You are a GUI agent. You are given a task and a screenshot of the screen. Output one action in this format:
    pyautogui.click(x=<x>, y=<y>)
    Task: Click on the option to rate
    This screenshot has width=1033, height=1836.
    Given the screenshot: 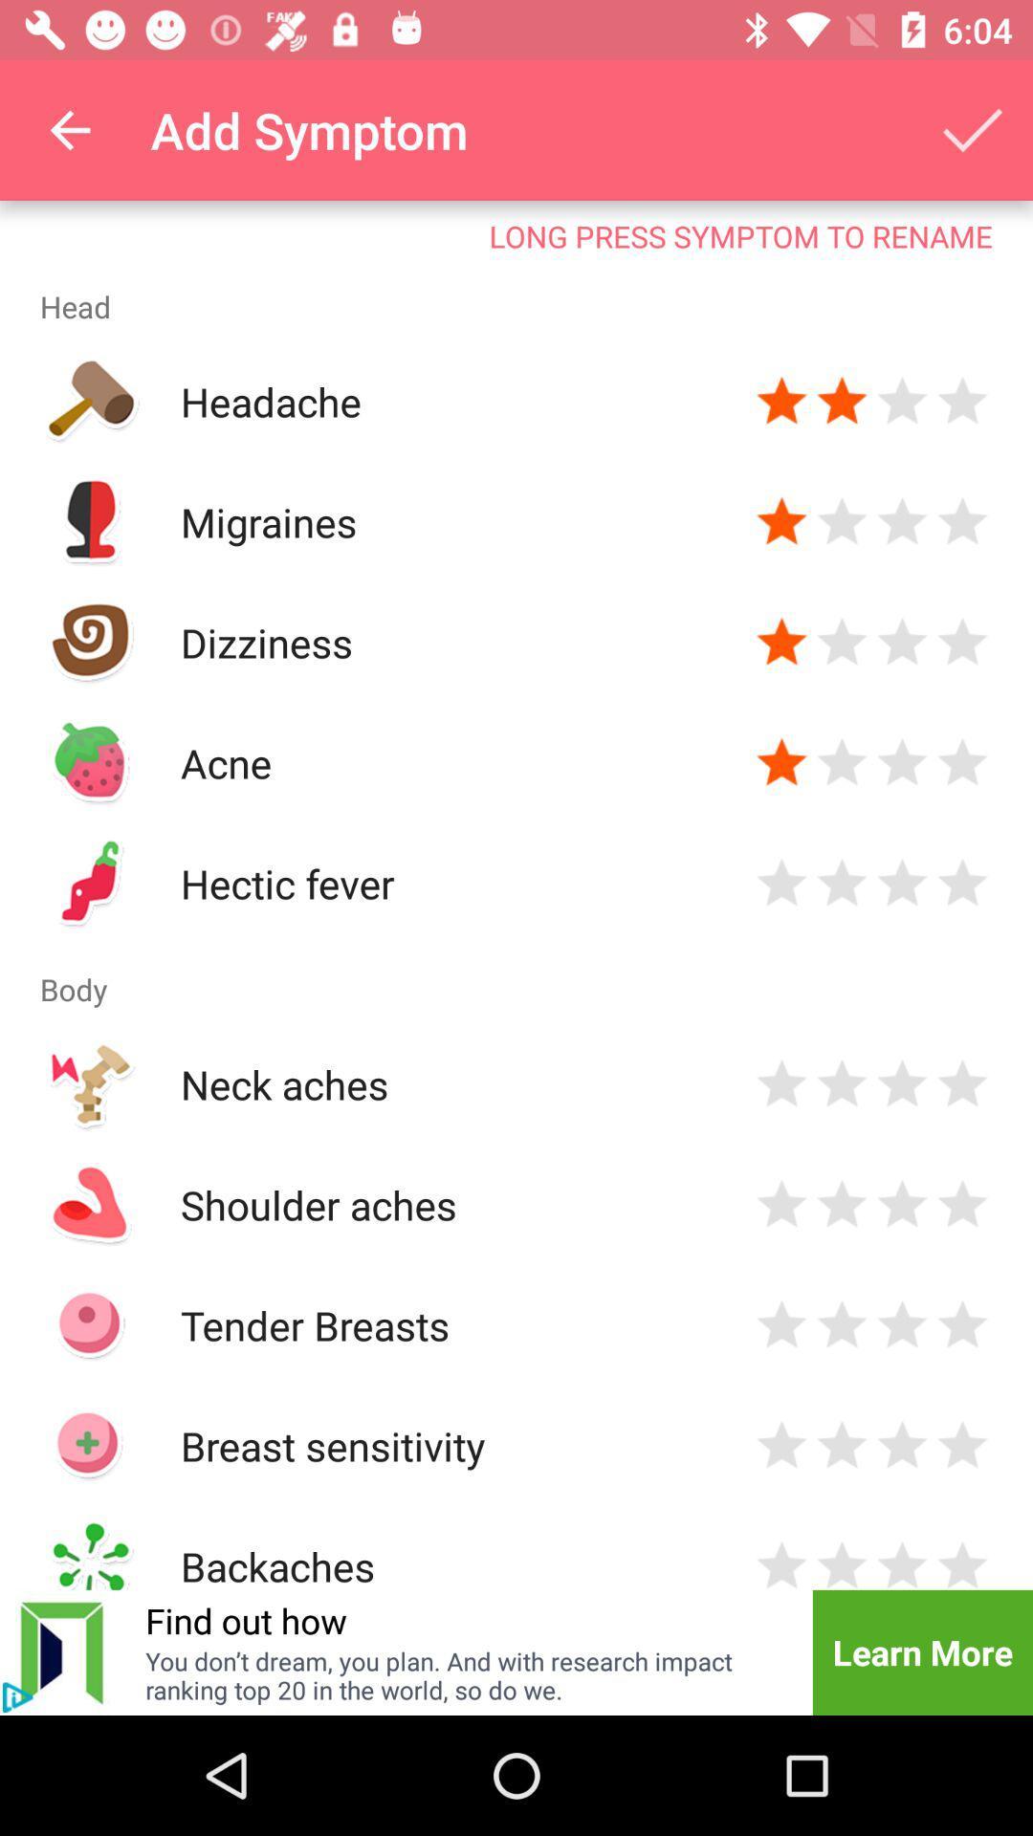 What is the action you would take?
    pyautogui.click(x=902, y=643)
    